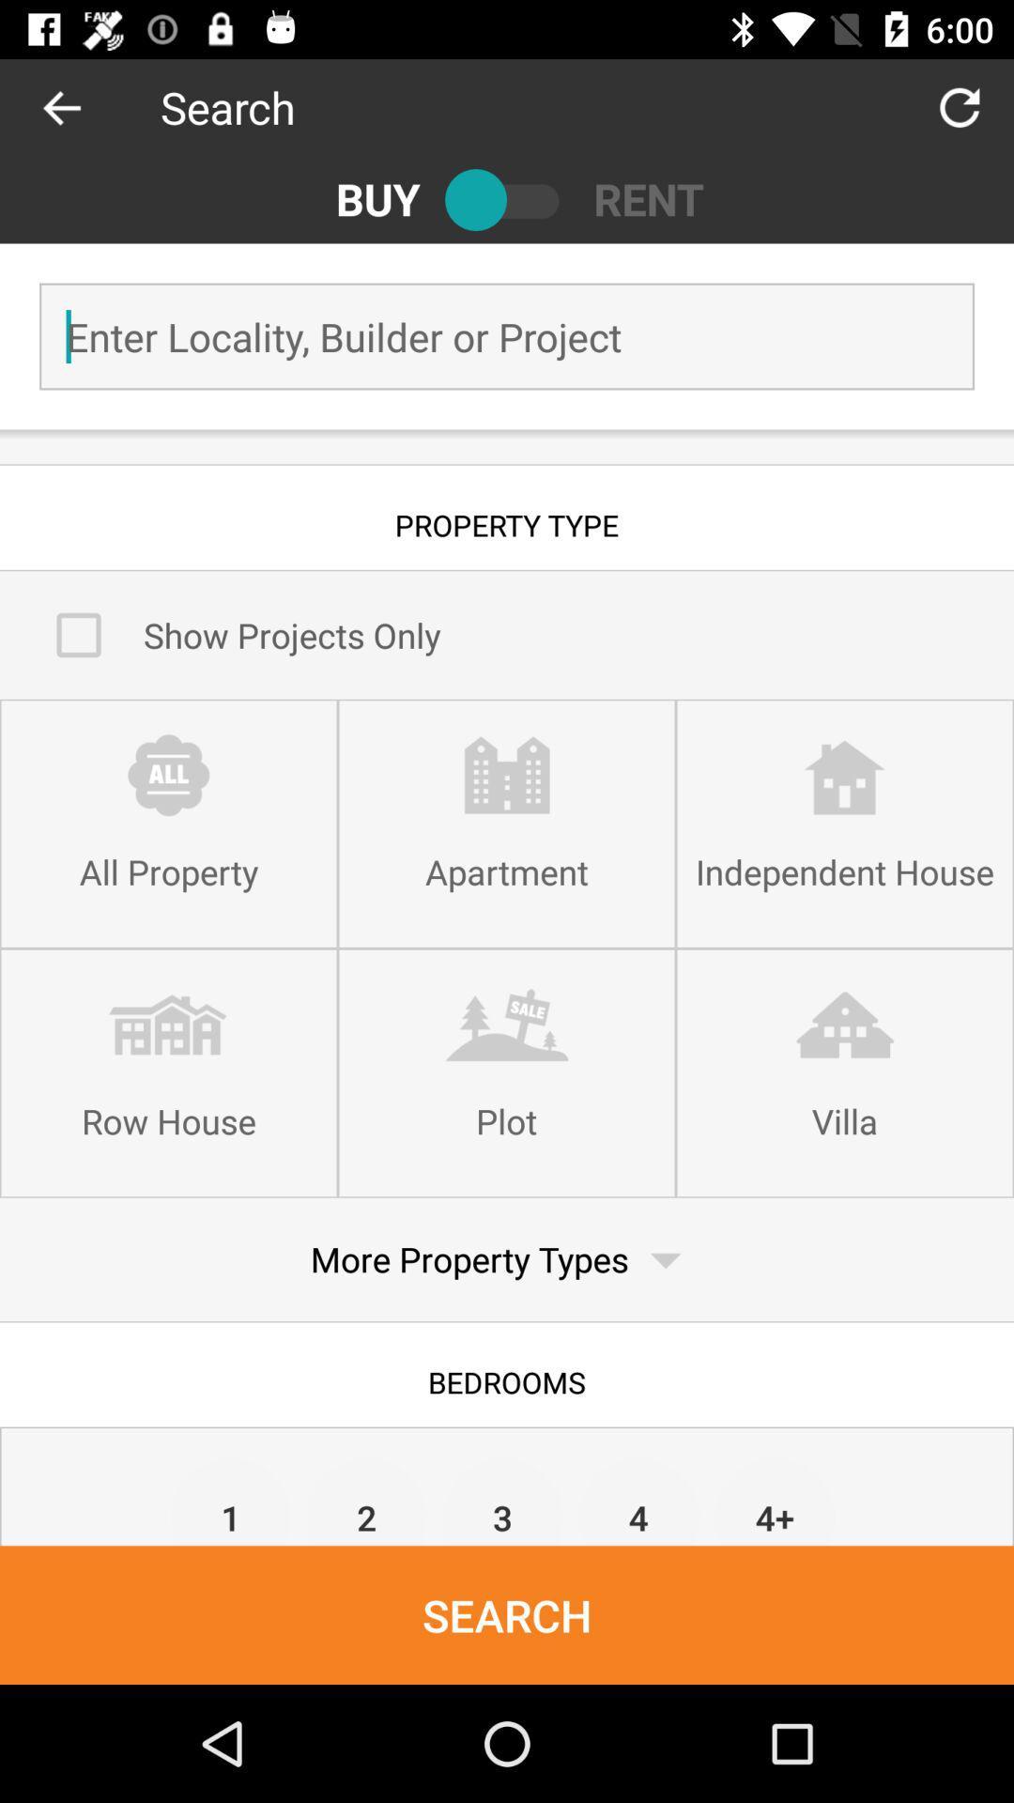 This screenshot has width=1014, height=1803. Describe the element at coordinates (230, 1500) in the screenshot. I see `1 icon` at that location.